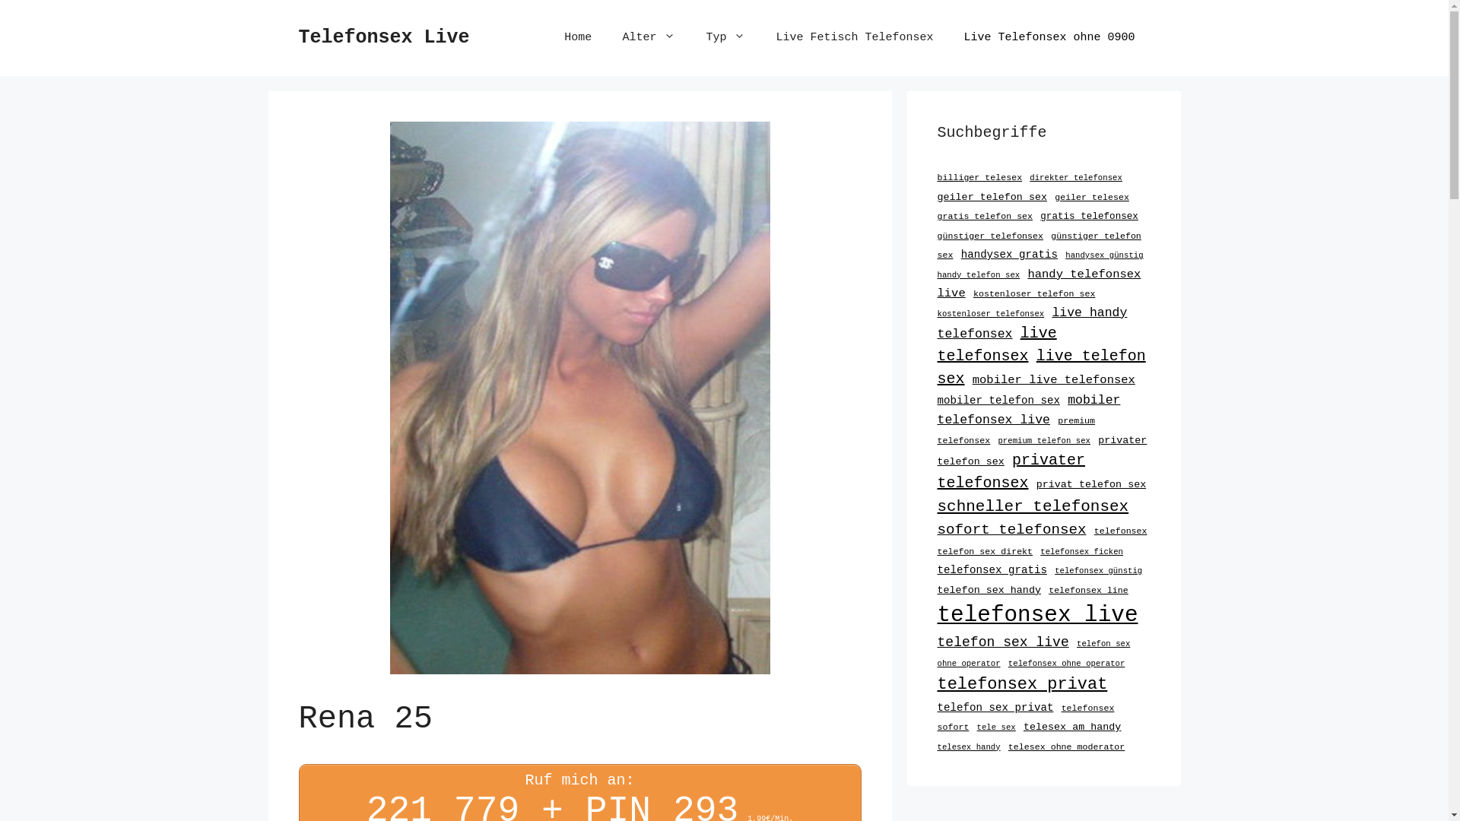 The width and height of the screenshot is (1460, 821). Describe the element at coordinates (854, 37) in the screenshot. I see `'Live Fetisch Telefonsex'` at that location.